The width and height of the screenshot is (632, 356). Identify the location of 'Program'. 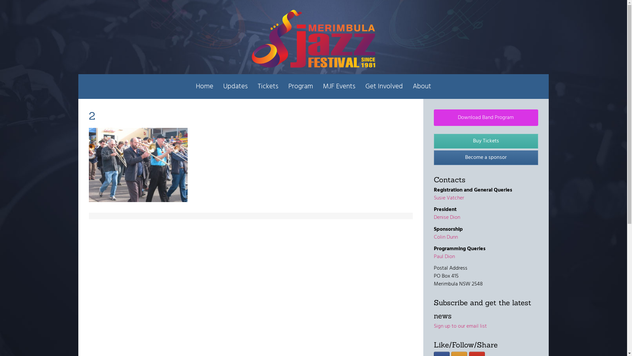
(300, 86).